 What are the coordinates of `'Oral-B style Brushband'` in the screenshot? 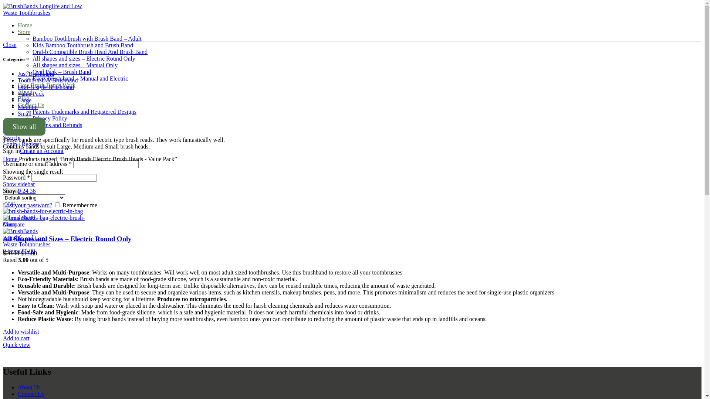 It's located at (45, 86).